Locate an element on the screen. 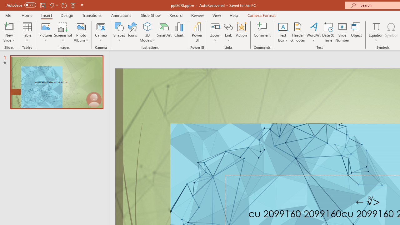 This screenshot has width=400, height=225. 'Pictures' is located at coordinates (46, 32).